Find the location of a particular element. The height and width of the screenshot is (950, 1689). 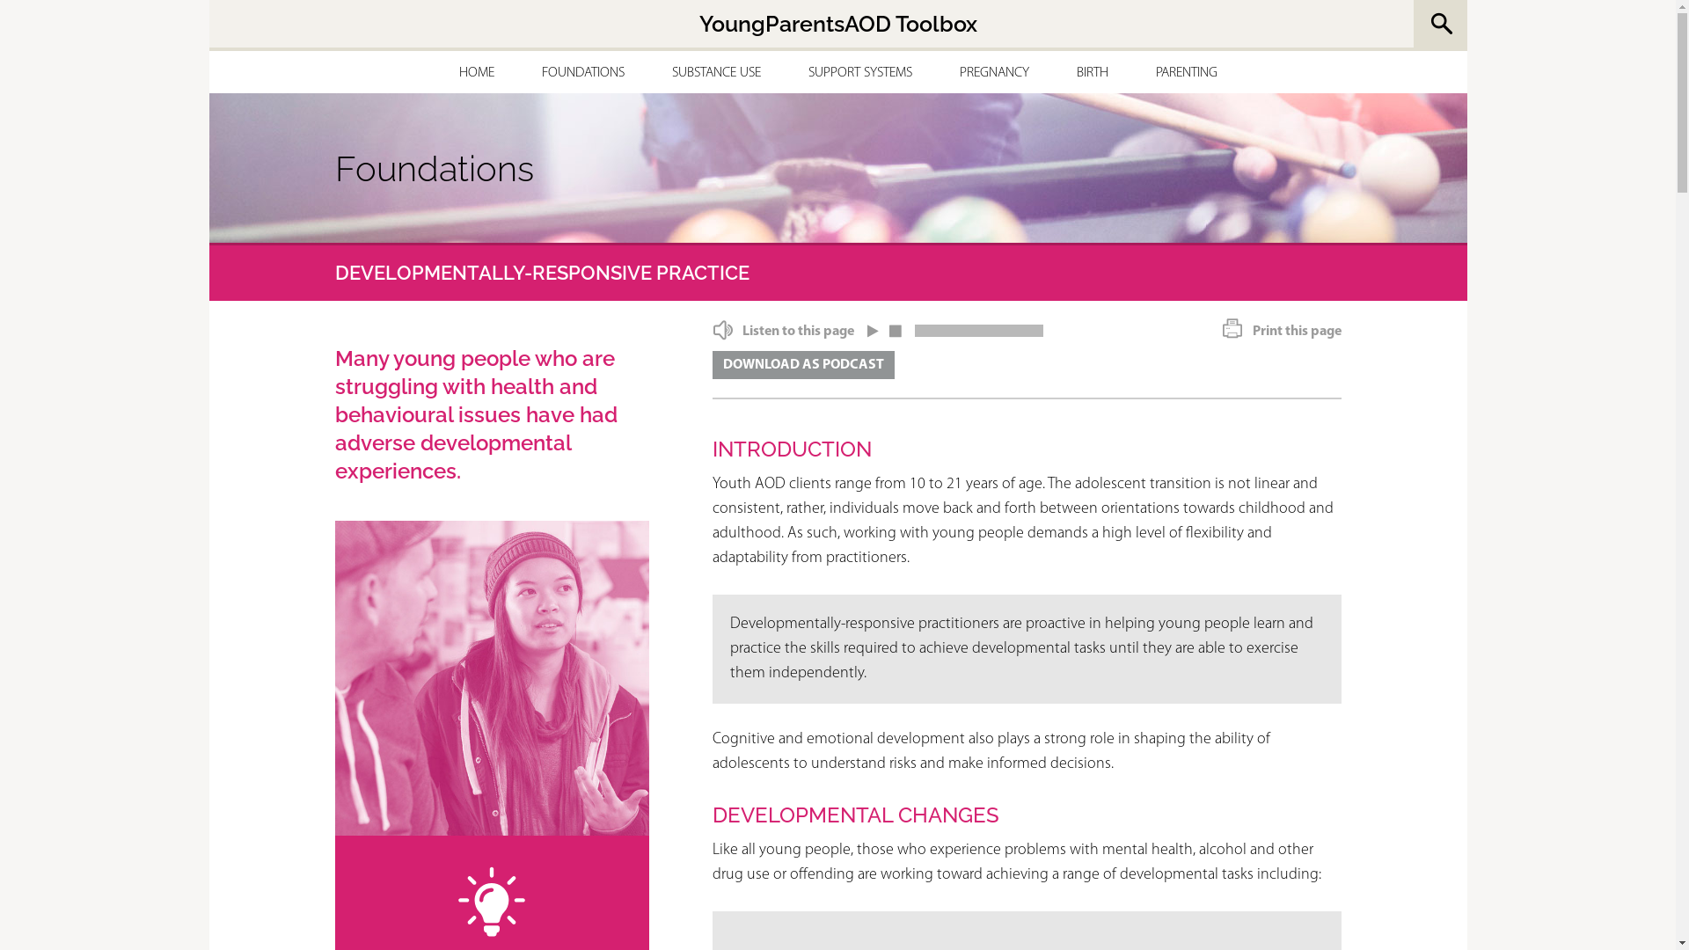

'PARENTING' is located at coordinates (1186, 72).